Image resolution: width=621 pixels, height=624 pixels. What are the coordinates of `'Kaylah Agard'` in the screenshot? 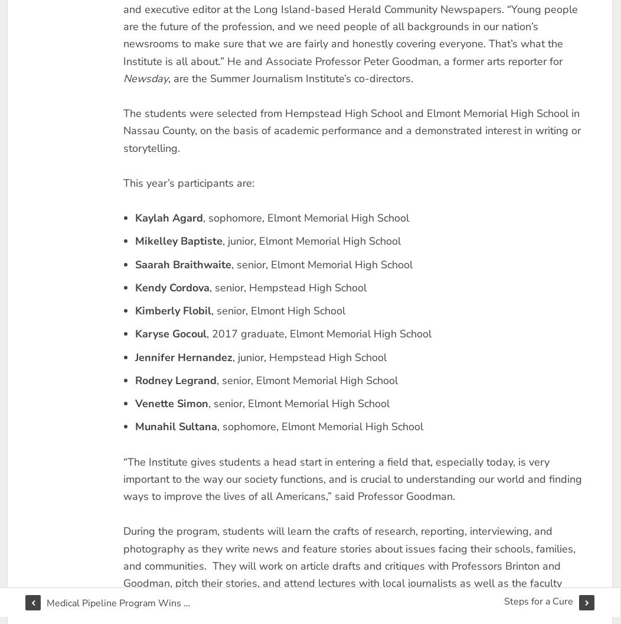 It's located at (168, 217).